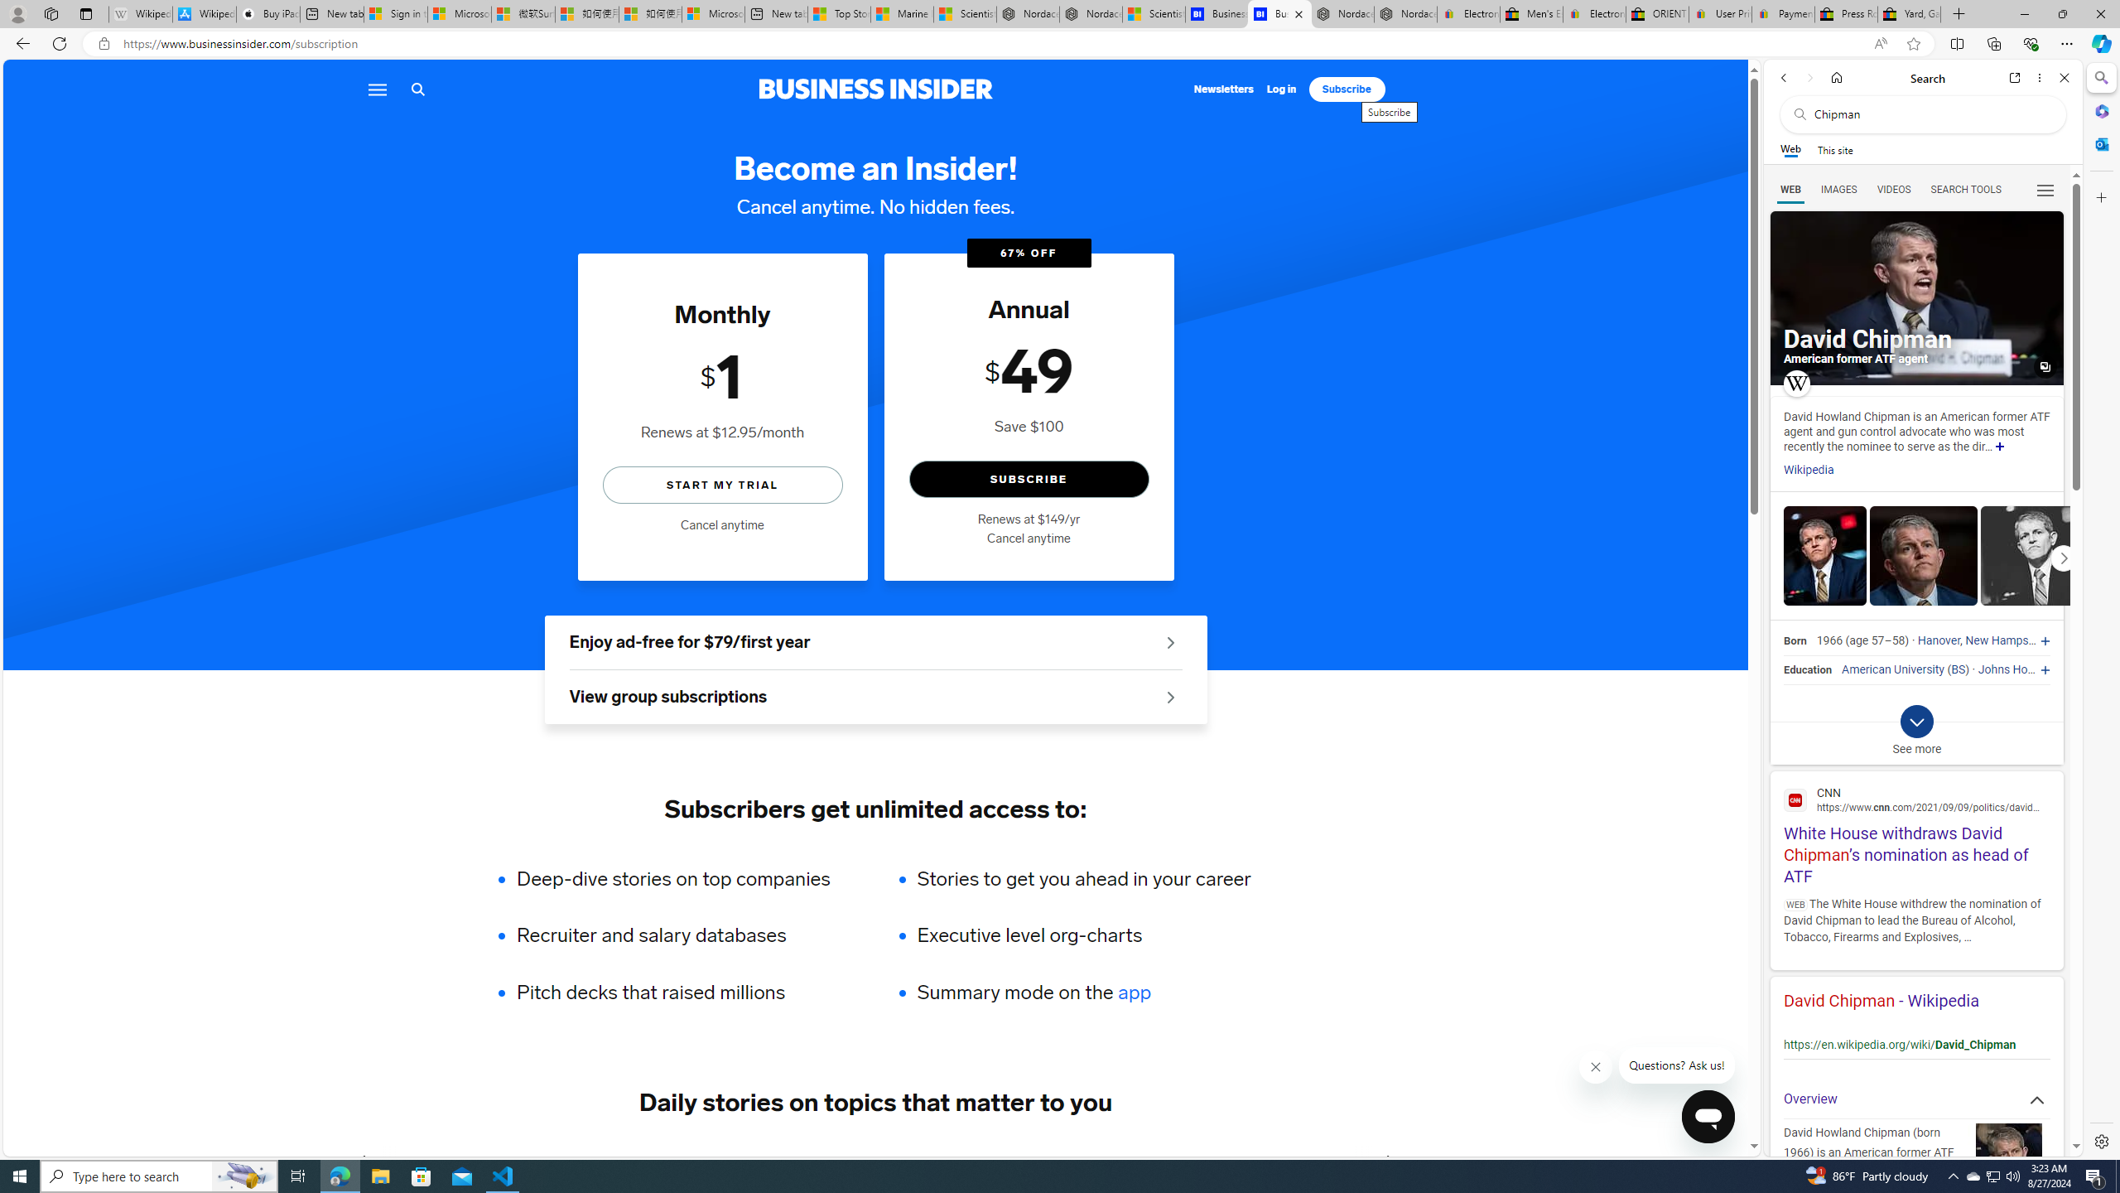 The image size is (2120, 1193). I want to click on 'SUBSCRIBE', so click(1029, 479).